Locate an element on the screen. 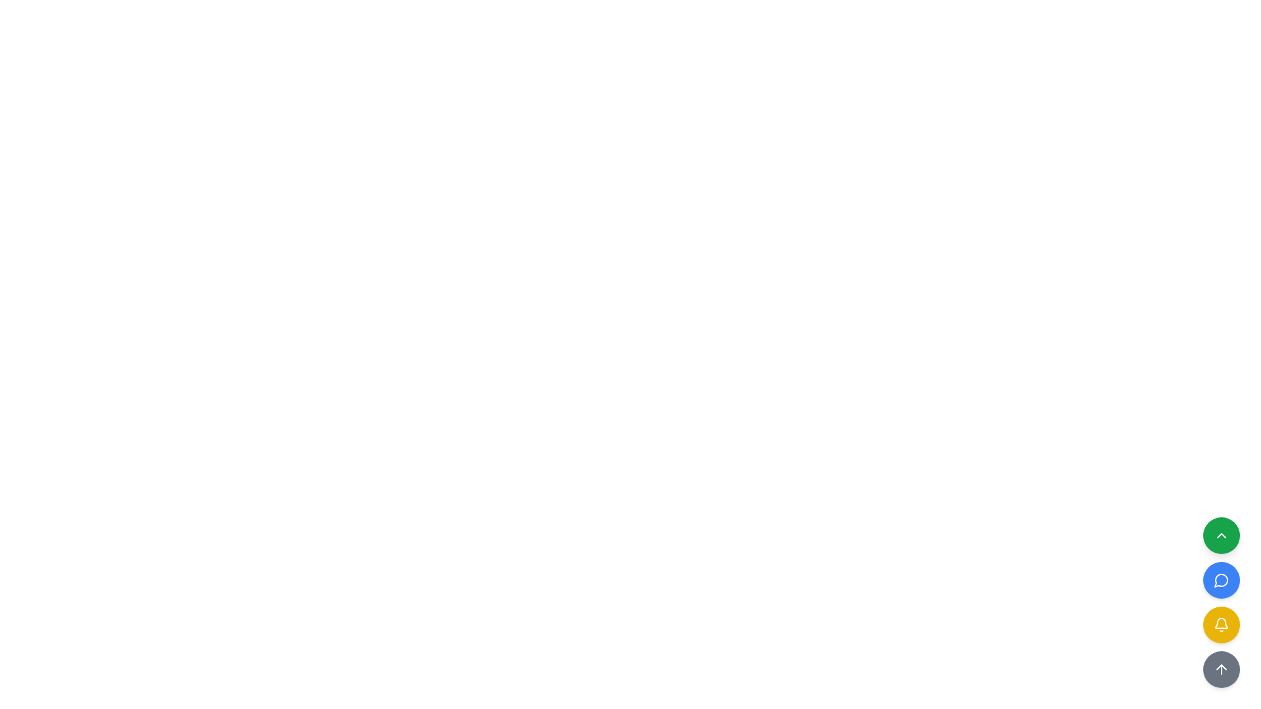 This screenshot has width=1261, height=709. the lower portion of the yellow bell icon is located at coordinates (1221, 622).